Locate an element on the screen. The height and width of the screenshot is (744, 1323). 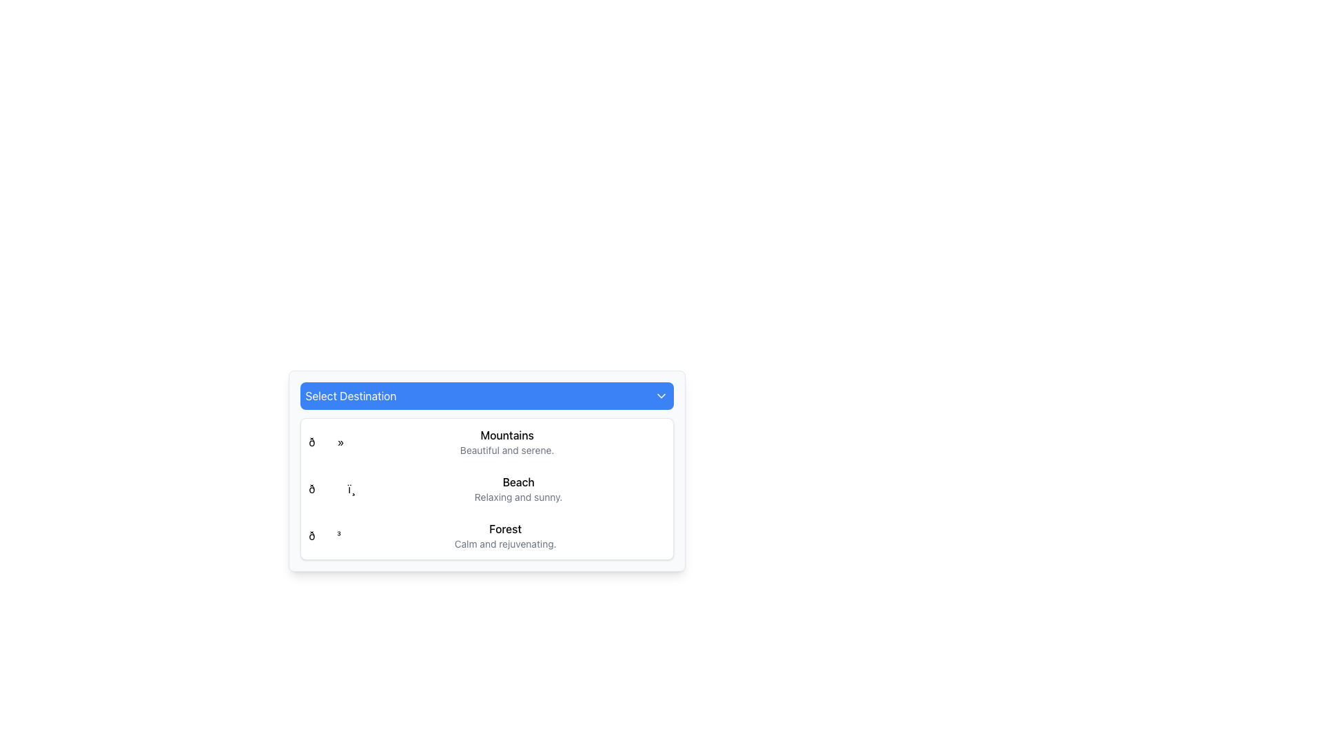
the second selectable list item titled 'Beach' is located at coordinates (486, 488).